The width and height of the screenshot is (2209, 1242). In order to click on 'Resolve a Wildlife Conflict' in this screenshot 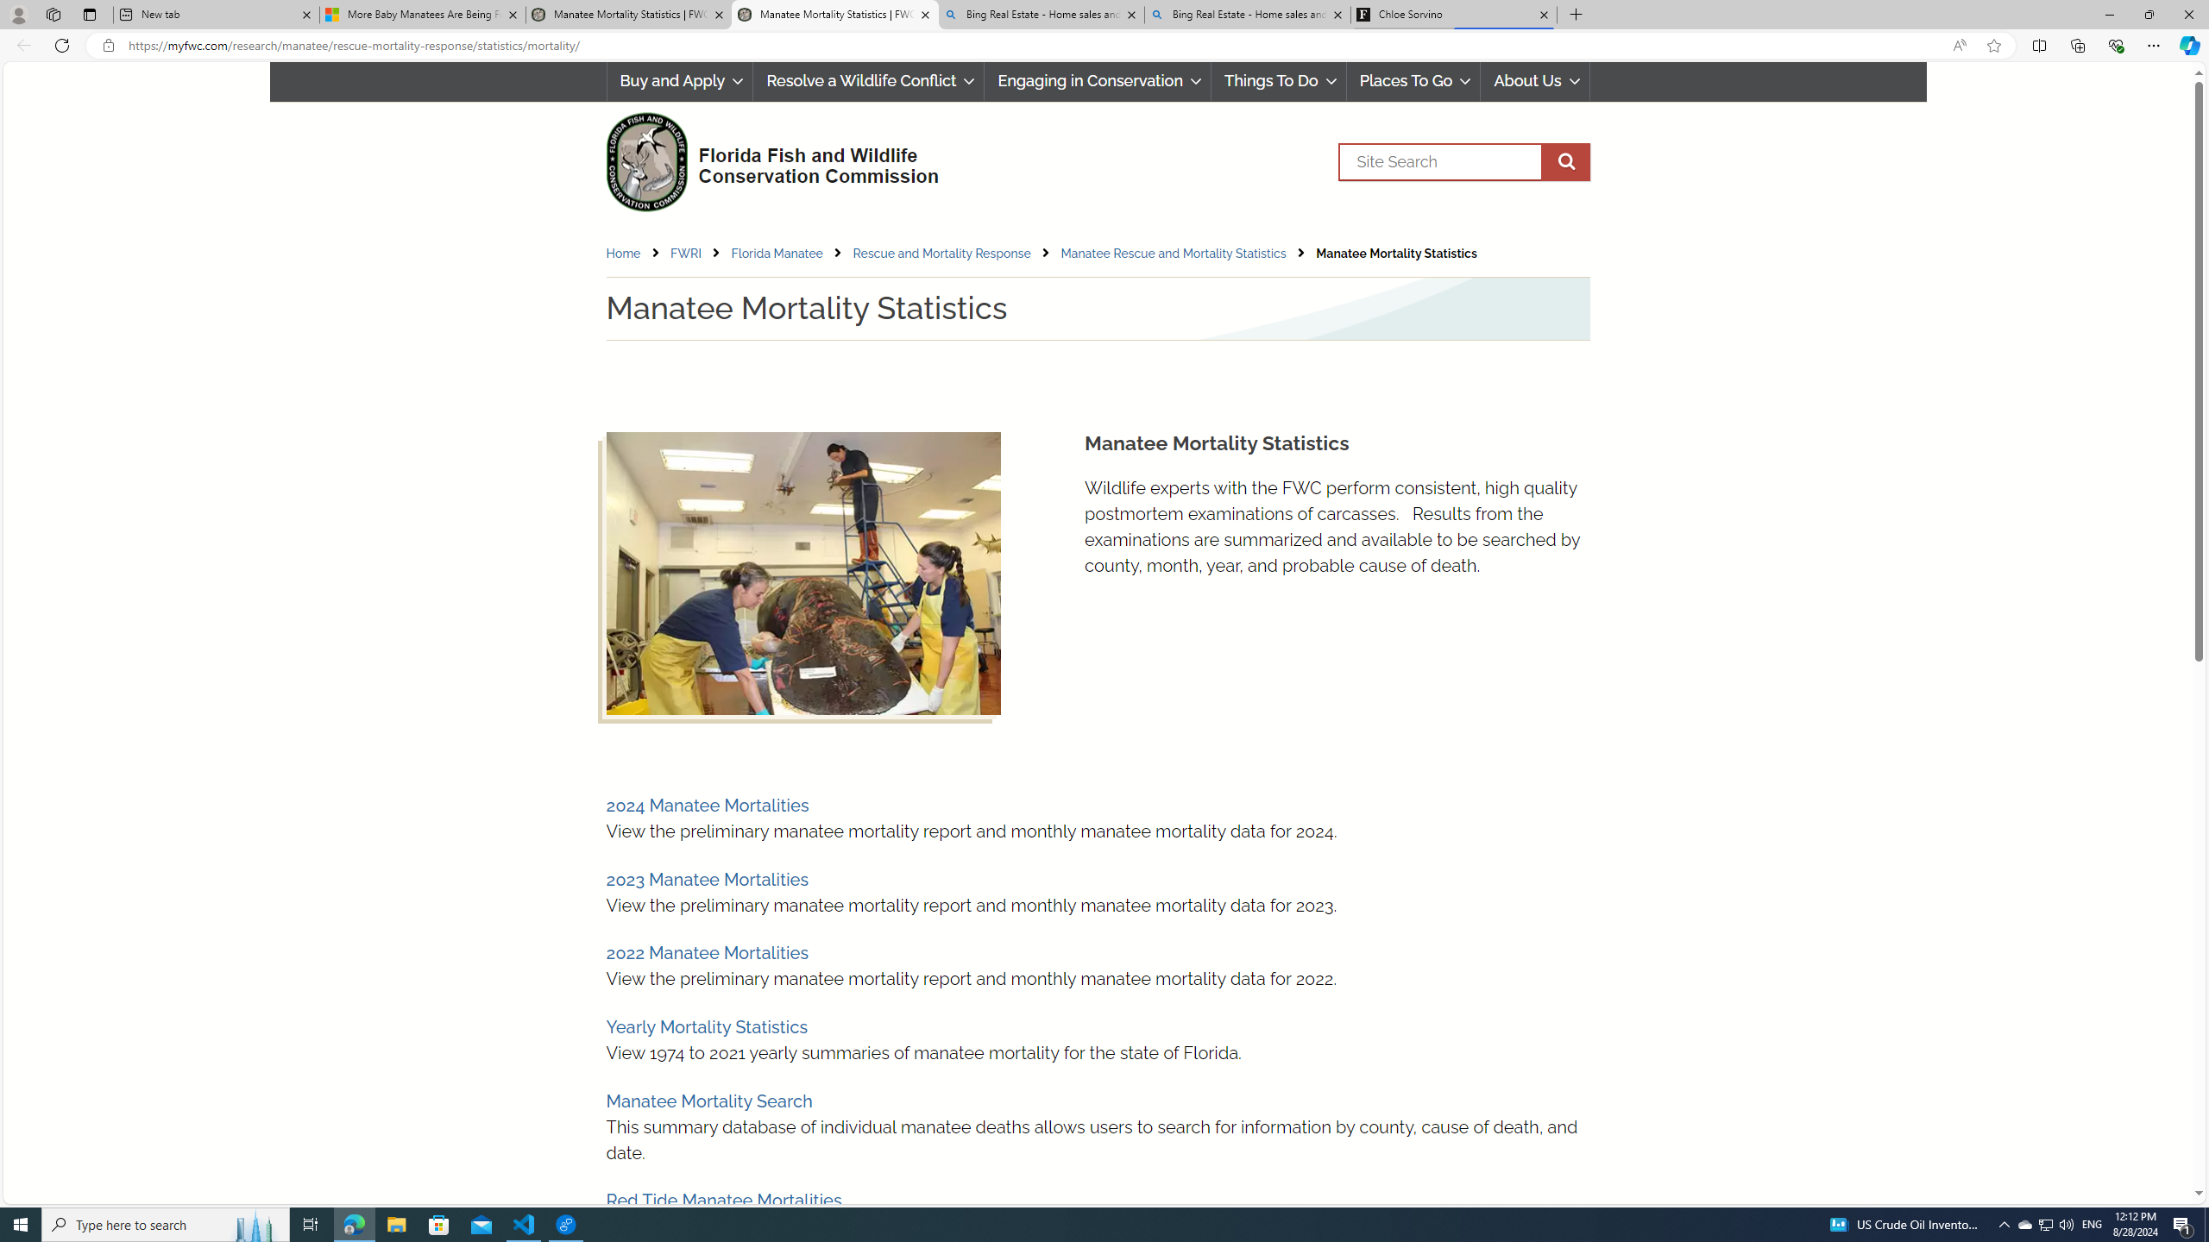, I will do `click(868, 80)`.